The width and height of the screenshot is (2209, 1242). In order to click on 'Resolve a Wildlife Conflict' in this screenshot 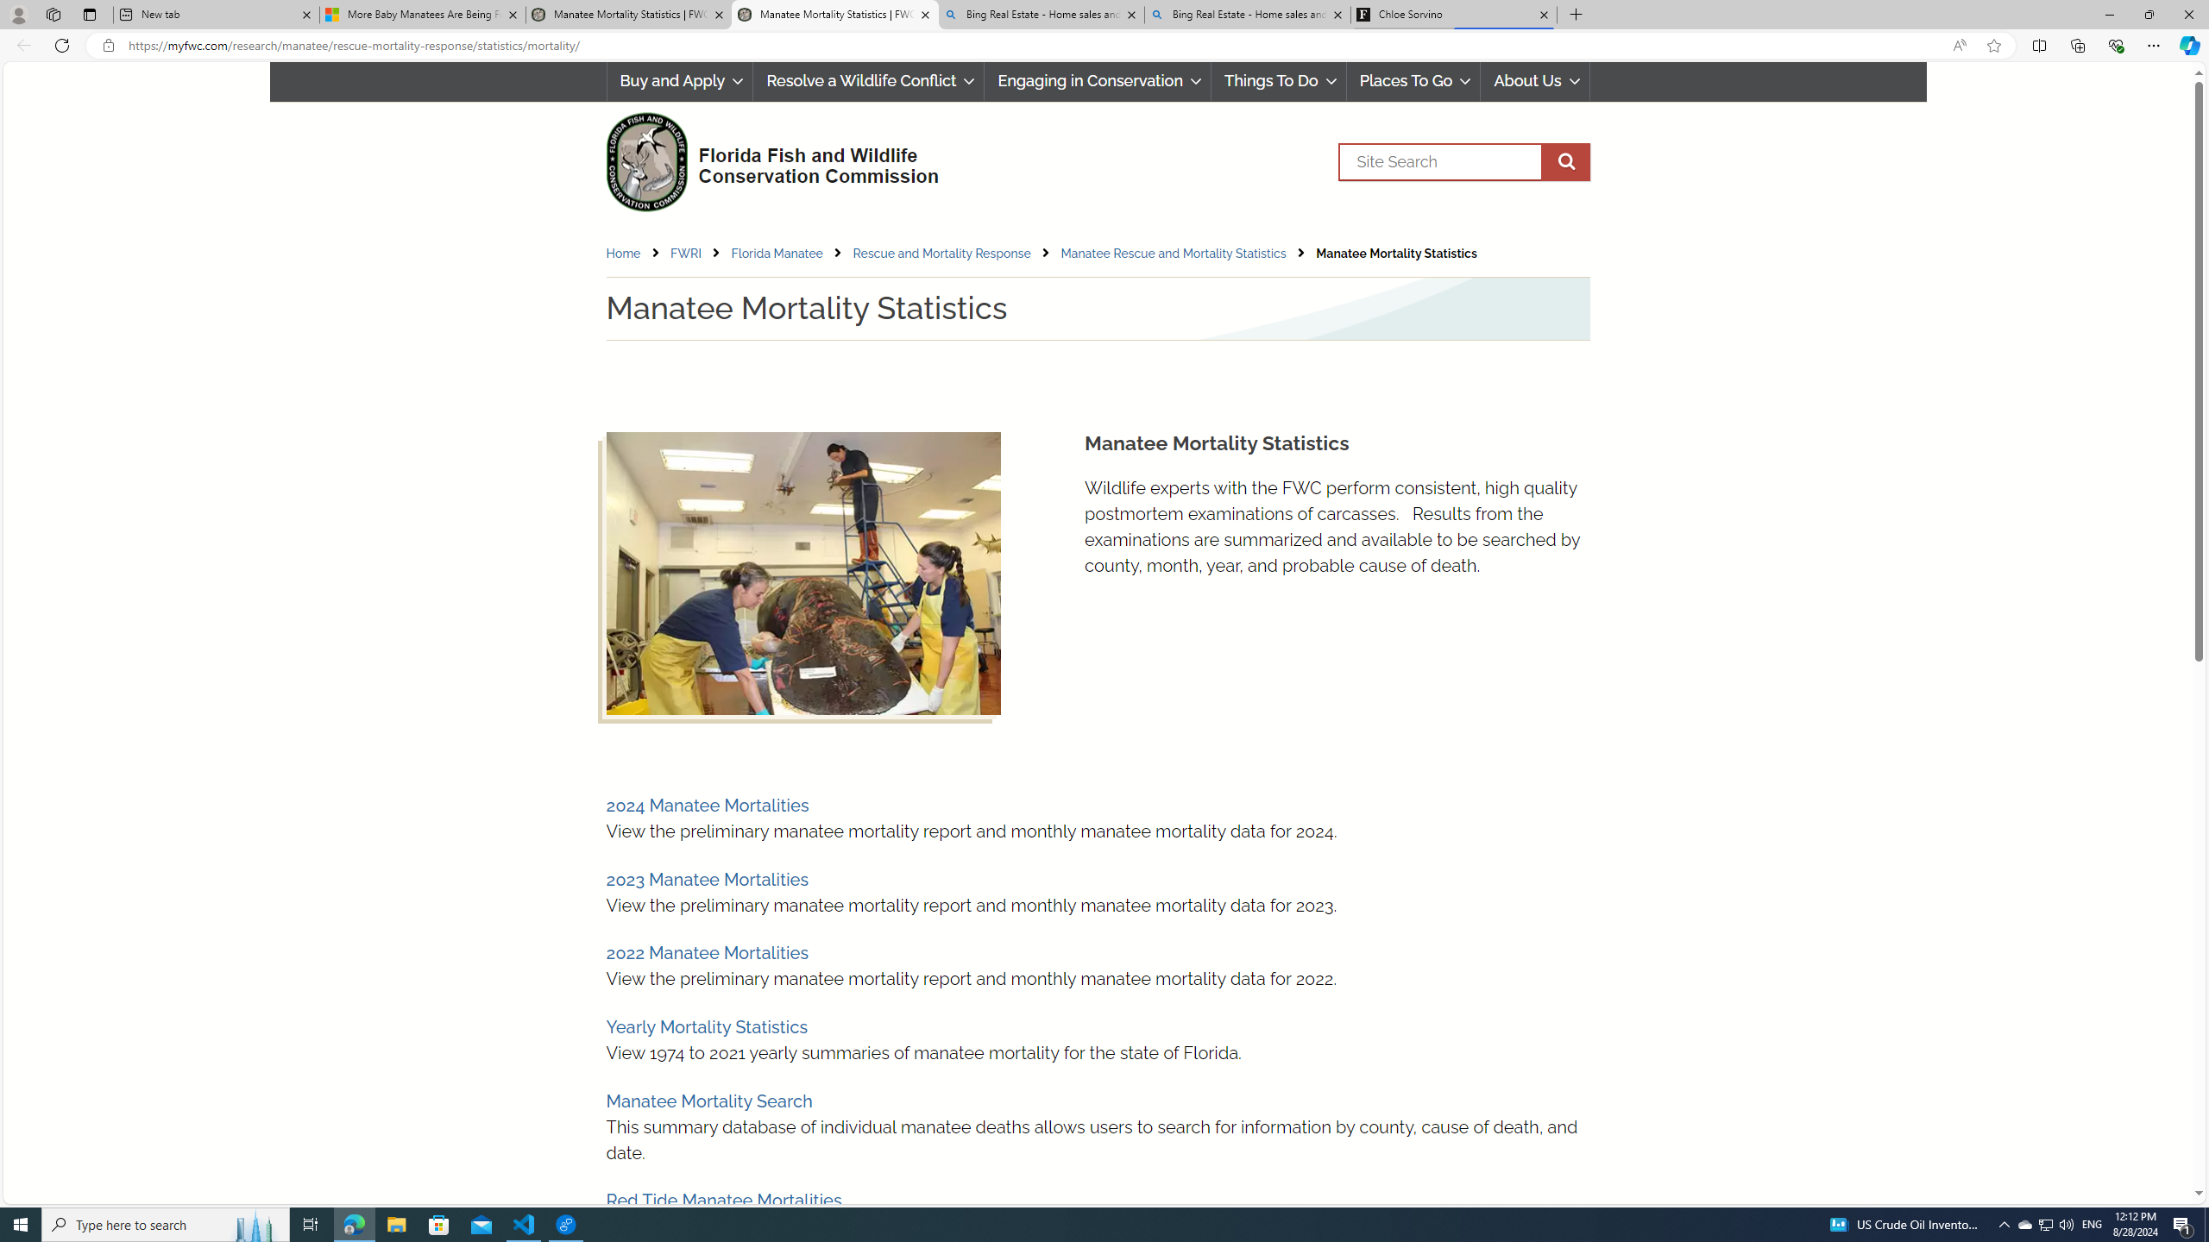, I will do `click(868, 80)`.